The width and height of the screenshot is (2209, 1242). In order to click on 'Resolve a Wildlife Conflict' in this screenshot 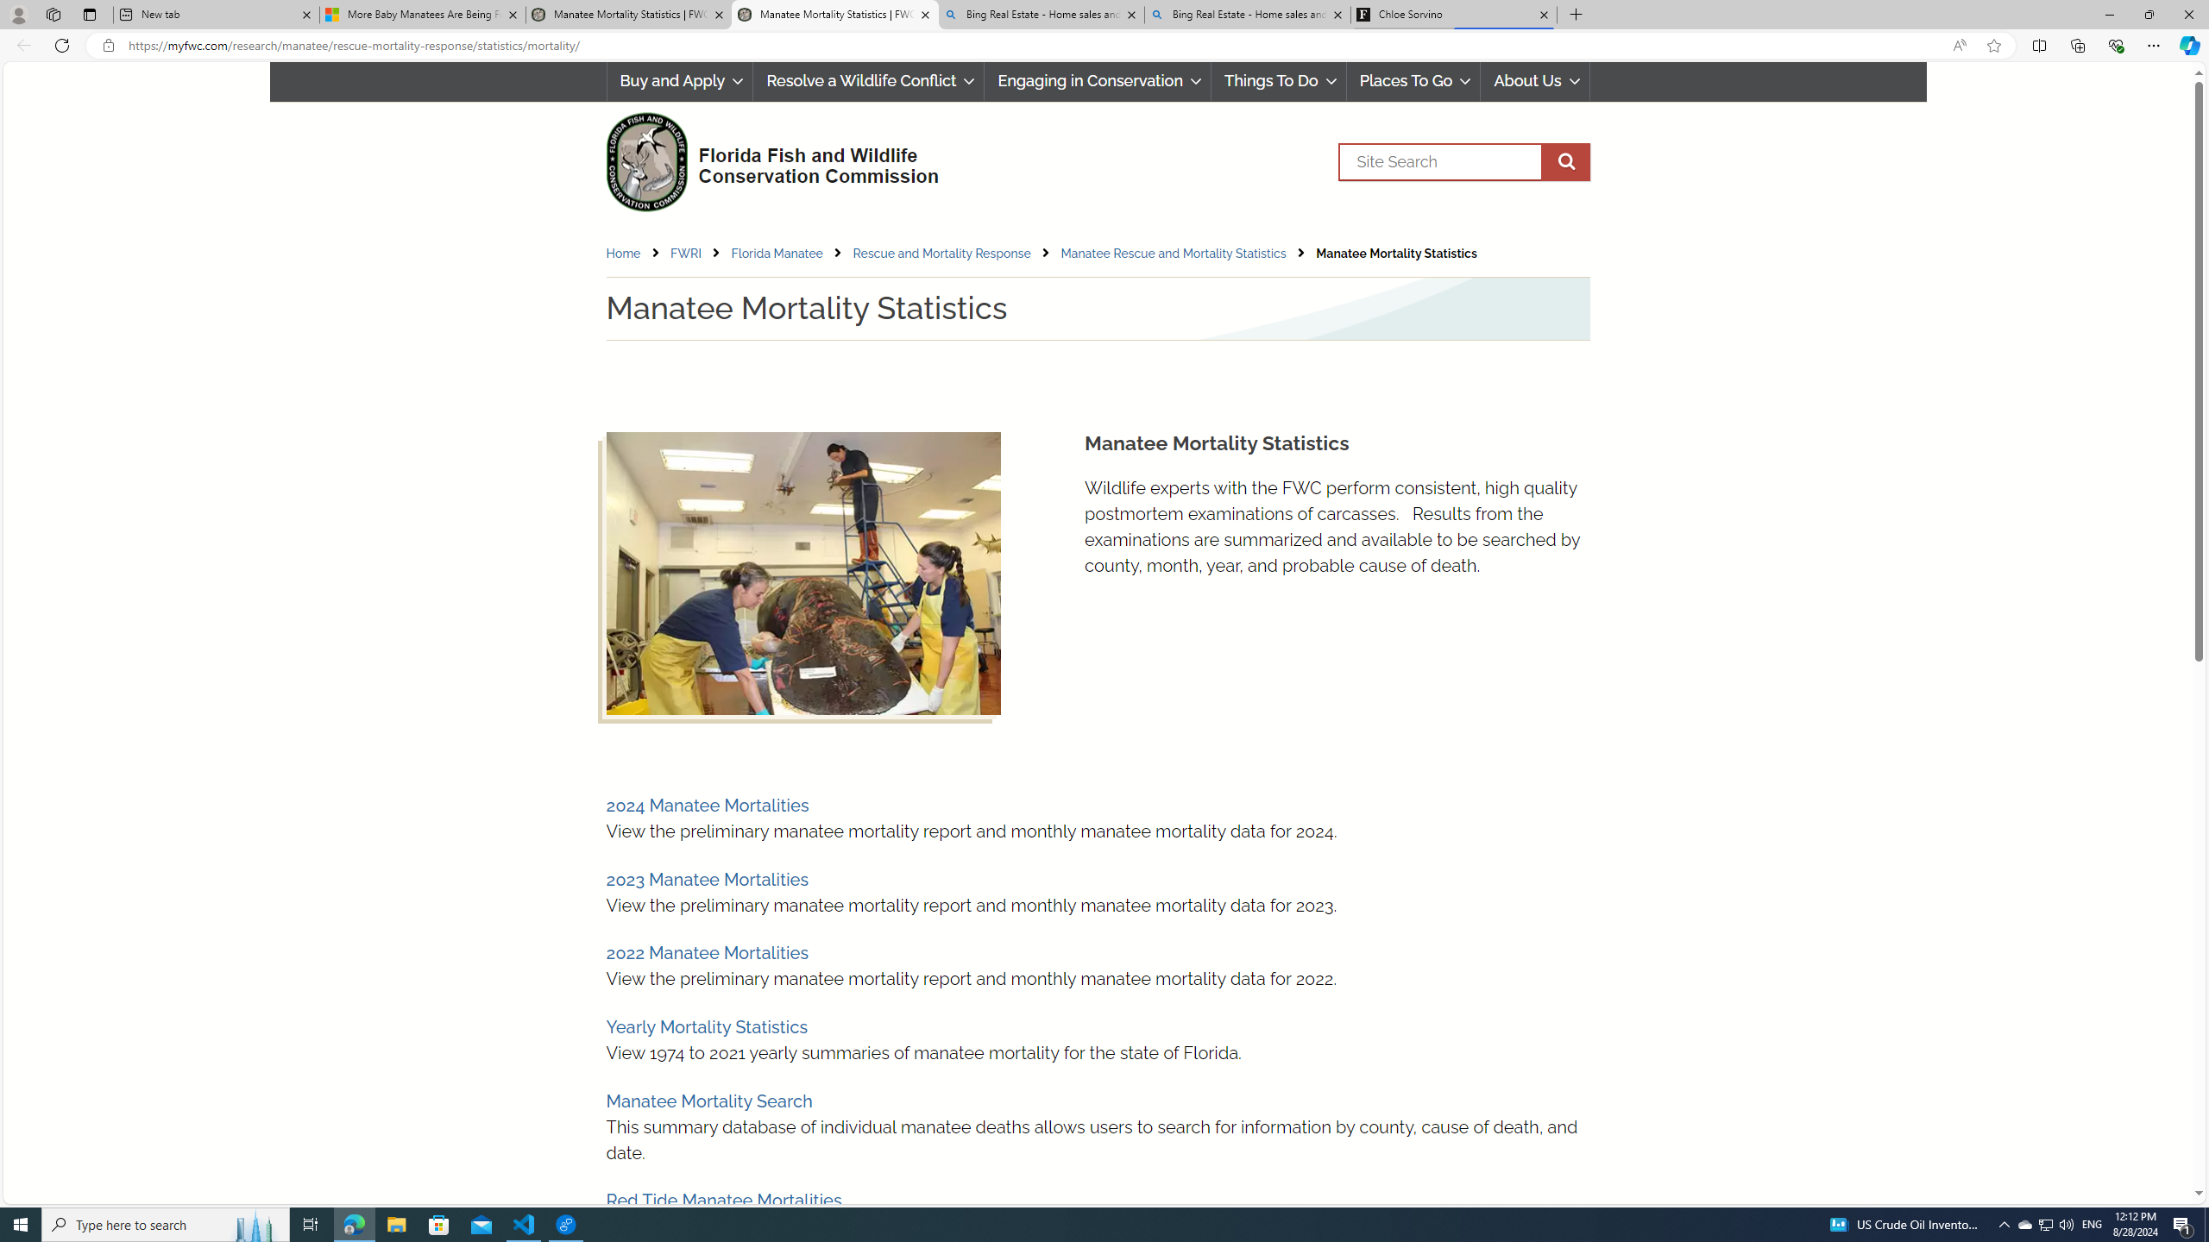, I will do `click(868, 80)`.